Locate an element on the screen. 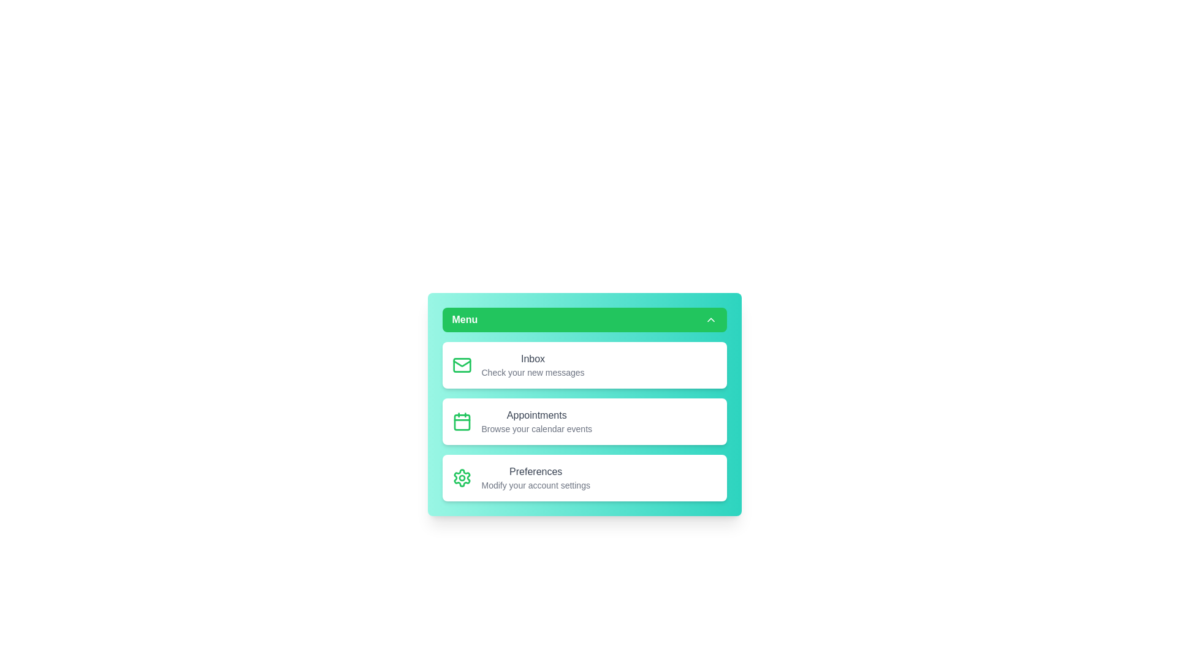 The image size is (1177, 662). the menu option Inbox to provide visual feedback is located at coordinates (584, 365).